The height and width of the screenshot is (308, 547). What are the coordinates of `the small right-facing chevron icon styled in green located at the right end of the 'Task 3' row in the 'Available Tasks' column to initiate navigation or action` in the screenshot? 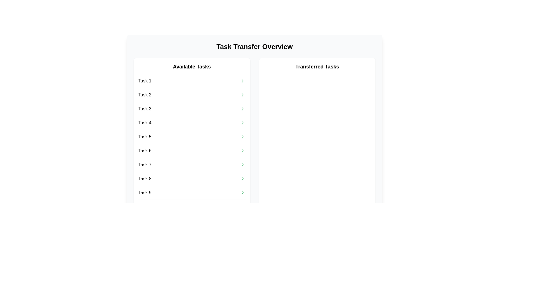 It's located at (242, 109).